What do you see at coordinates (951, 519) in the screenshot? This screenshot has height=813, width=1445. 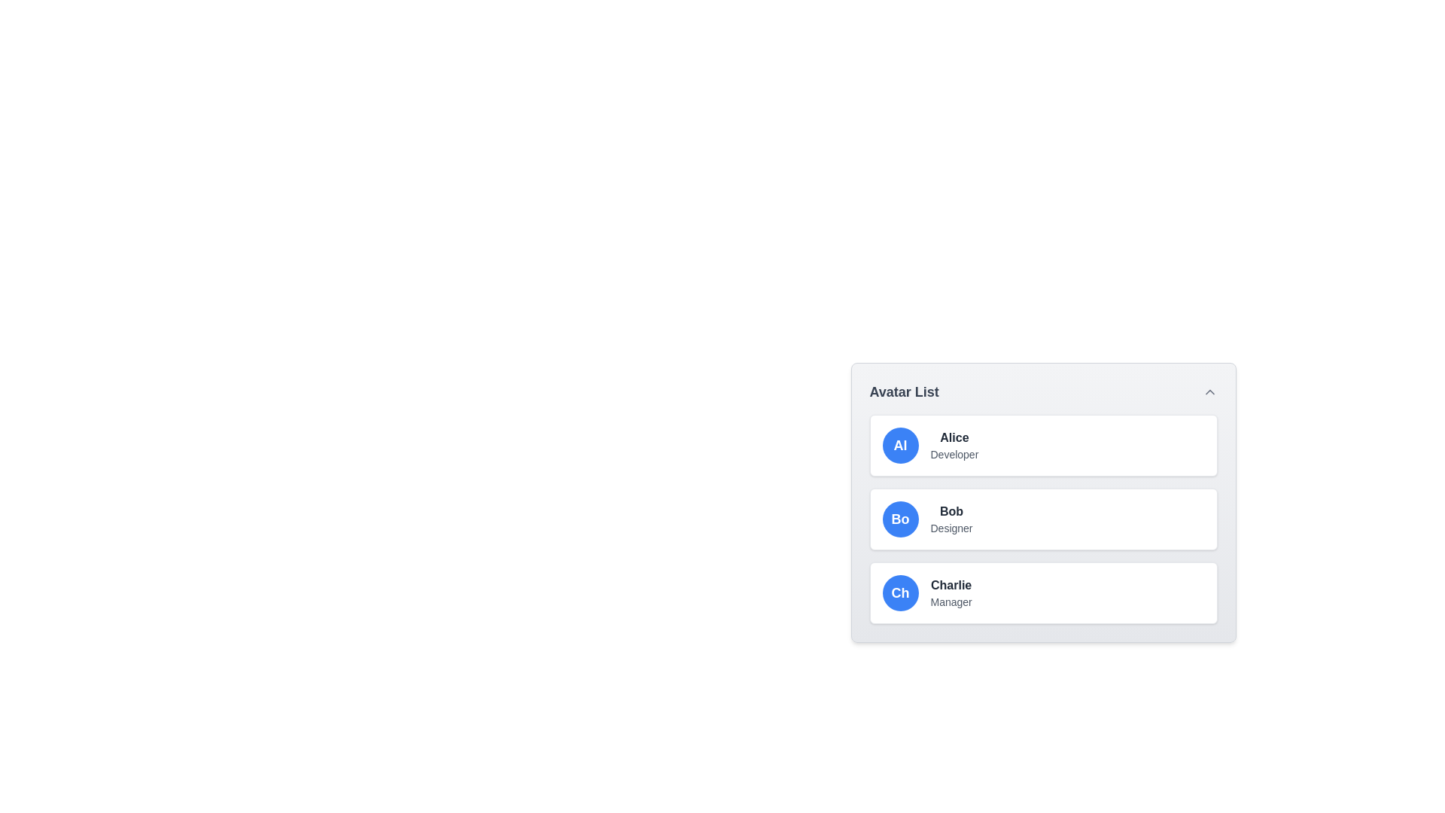 I see `the Text label displaying 'Bob' and 'Designer' in the user profile card, located to the right of the circular avatar labeled 'Bo'` at bounding box center [951, 519].